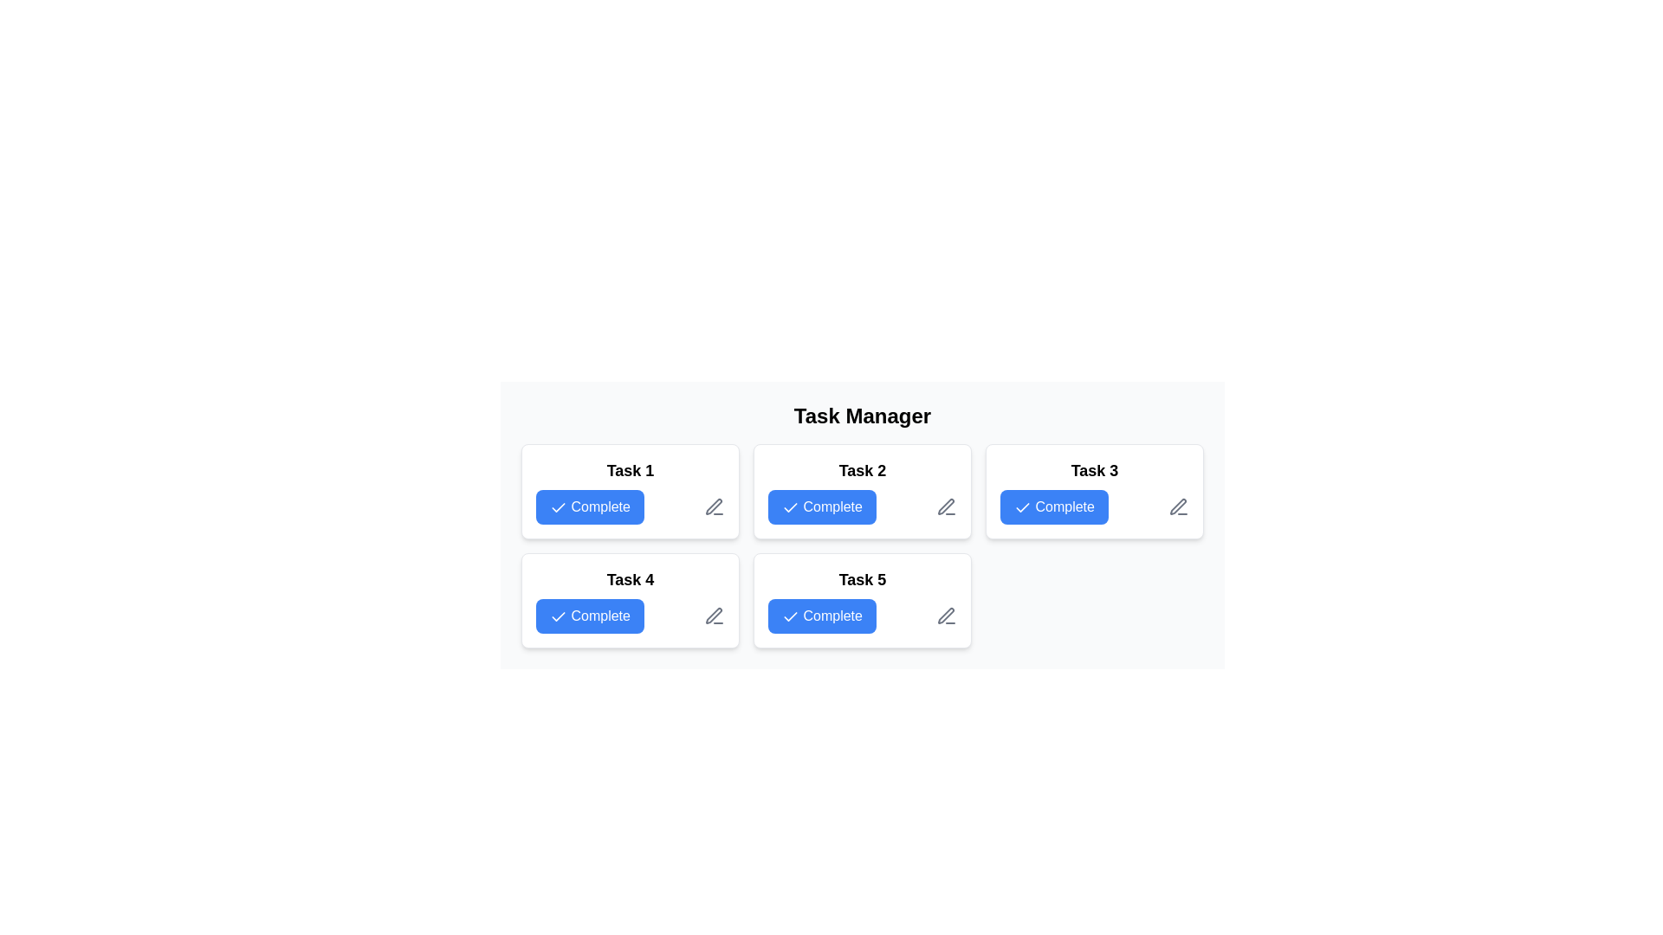 The height and width of the screenshot is (935, 1663). Describe the element at coordinates (714, 615) in the screenshot. I see `the pen or pencil icon button located in the bottom-right corner of the 'Task 5' card in the Task Manager grid` at that location.